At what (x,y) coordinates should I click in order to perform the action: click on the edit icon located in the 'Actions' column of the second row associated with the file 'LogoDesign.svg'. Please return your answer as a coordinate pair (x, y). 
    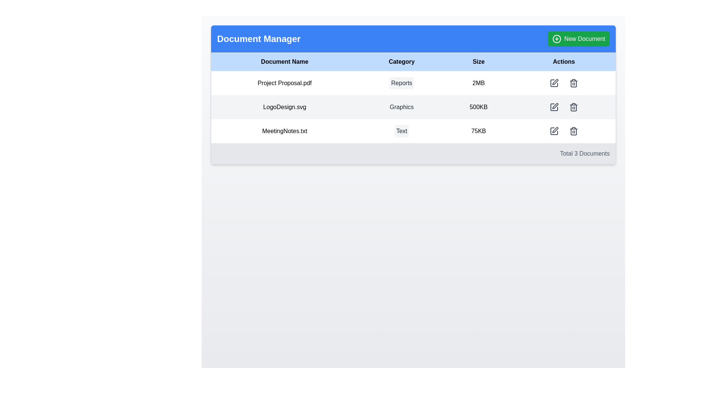
    Looking at the image, I should click on (555, 82).